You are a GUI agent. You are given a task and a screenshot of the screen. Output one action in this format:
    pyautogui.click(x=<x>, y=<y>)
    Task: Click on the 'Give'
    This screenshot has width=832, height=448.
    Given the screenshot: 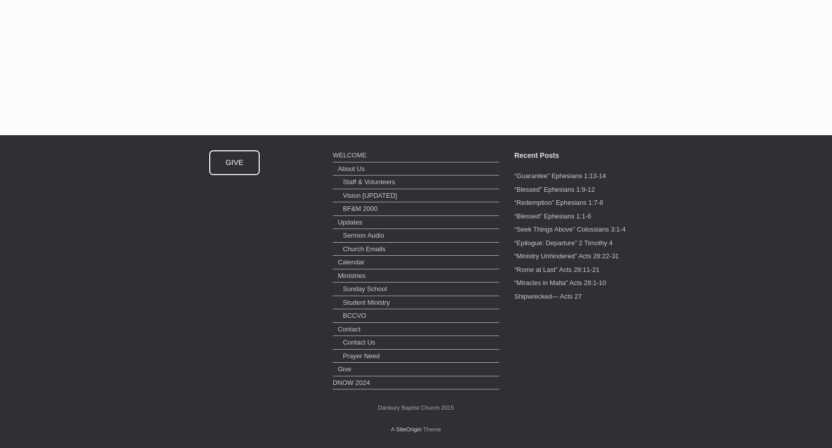 What is the action you would take?
    pyautogui.click(x=343, y=368)
    